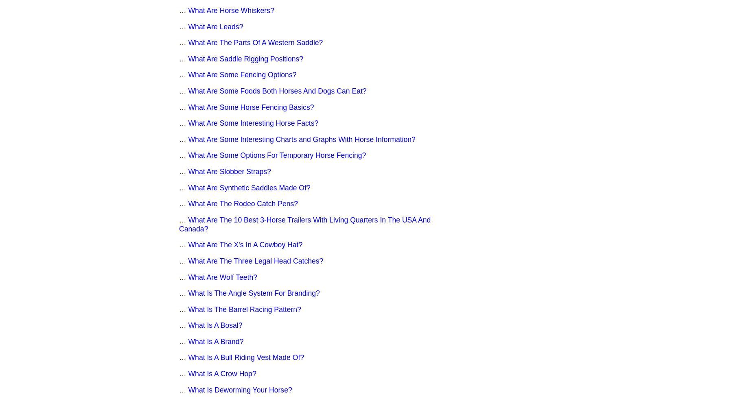 This screenshot has width=753, height=399. I want to click on 'What Is A Brand?', so click(216, 341).